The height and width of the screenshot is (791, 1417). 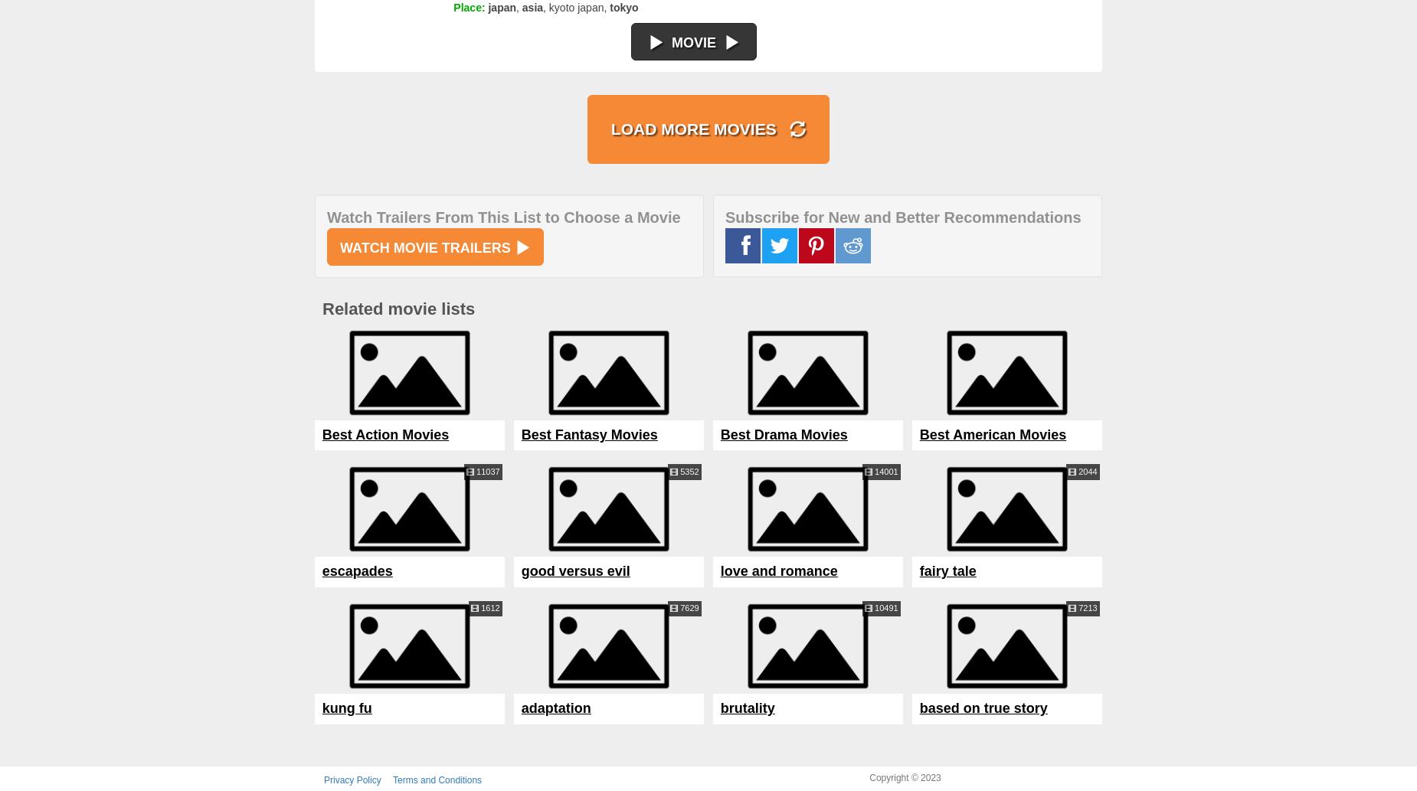 I want to click on 'Best Action Movies', so click(x=385, y=433).